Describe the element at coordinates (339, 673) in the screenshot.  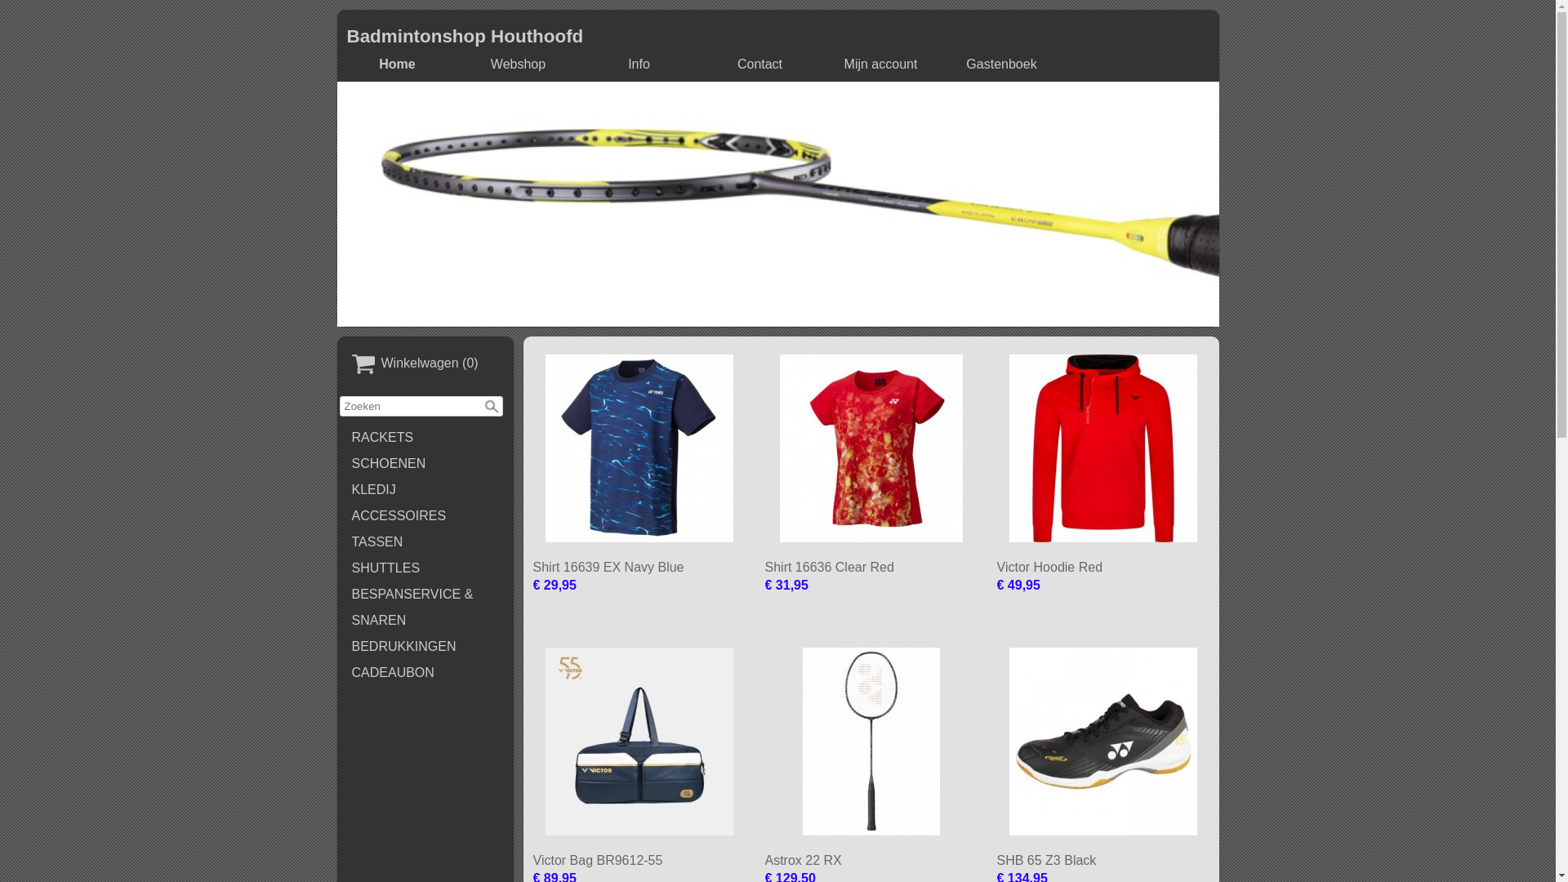
I see `'CADEAUBON'` at that location.